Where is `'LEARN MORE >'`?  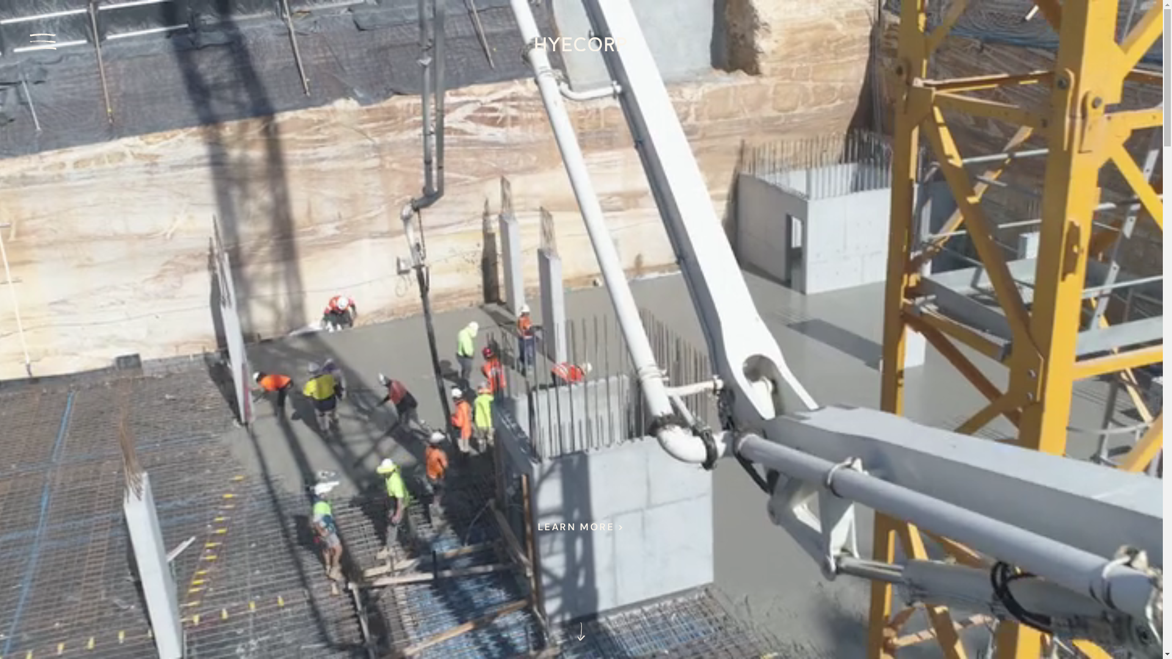
'LEARN MORE >' is located at coordinates (581, 527).